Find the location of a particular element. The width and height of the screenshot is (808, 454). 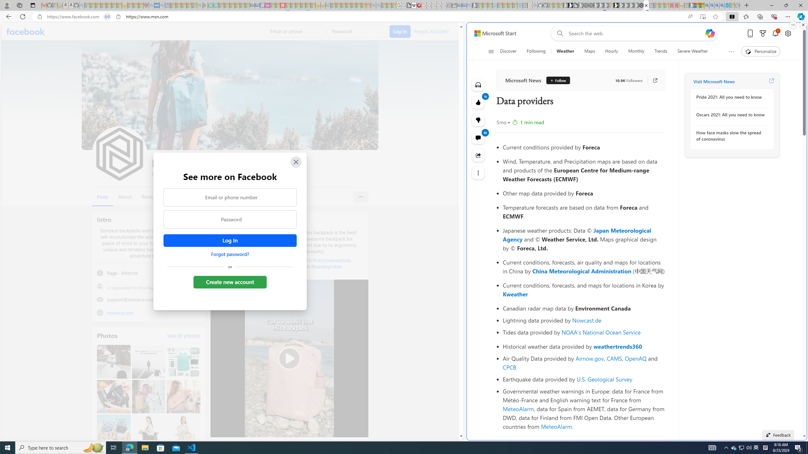

'Workspaces' is located at coordinates (19, 5).